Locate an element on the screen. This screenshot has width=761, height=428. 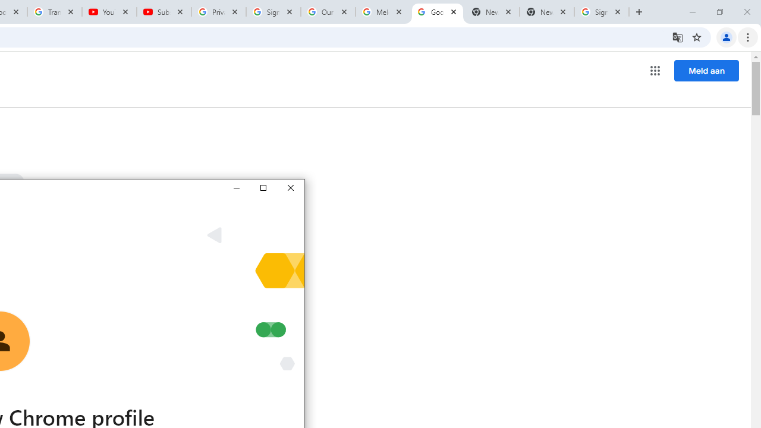
'Google-programme' is located at coordinates (655, 71).